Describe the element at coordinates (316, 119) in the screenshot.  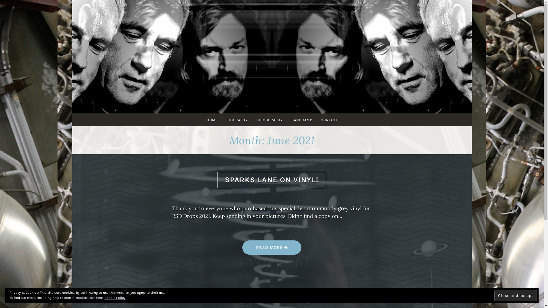
I see `'CONTACT'` at that location.